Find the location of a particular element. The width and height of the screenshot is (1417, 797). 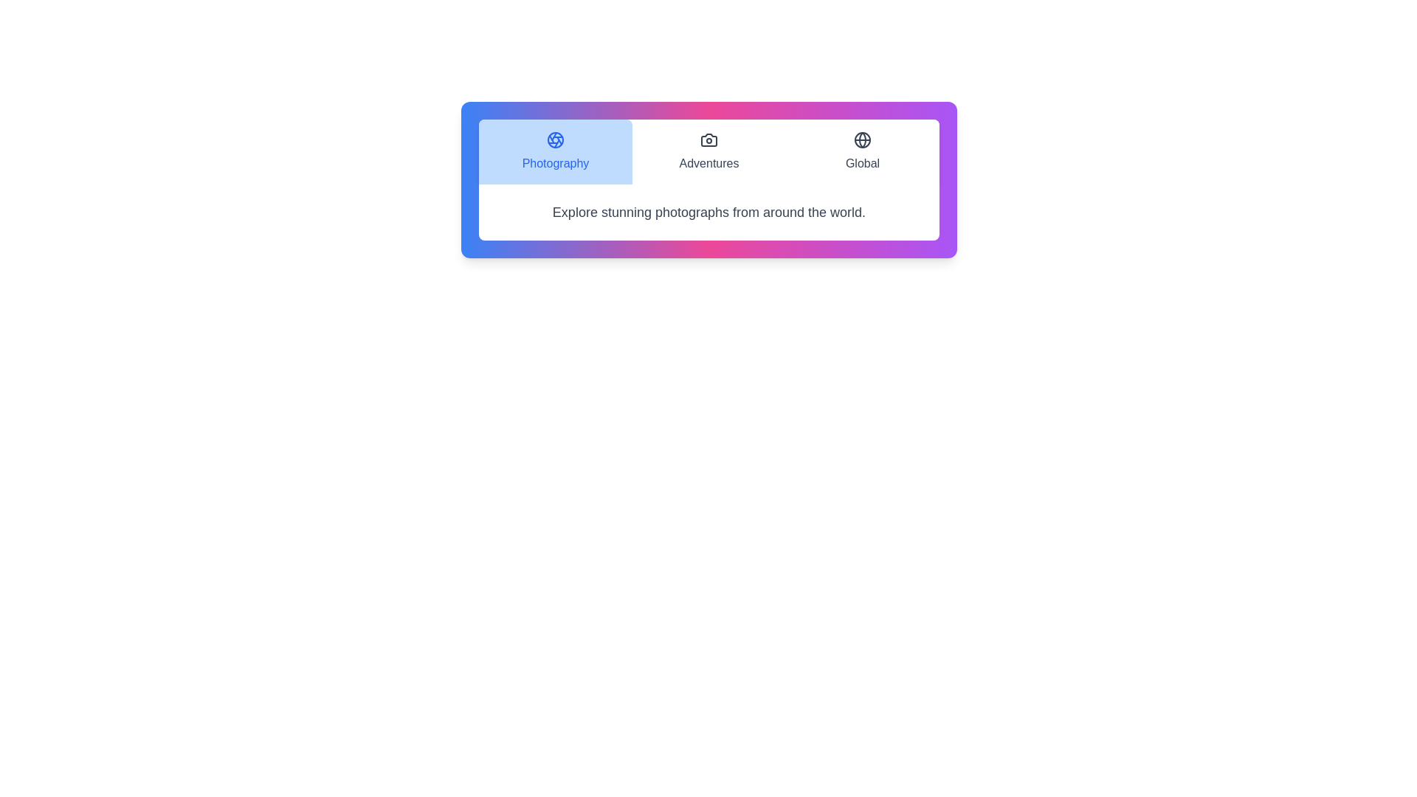

the camera icon representing the 'Adventures' tab in the navigation section is located at coordinates (708, 139).